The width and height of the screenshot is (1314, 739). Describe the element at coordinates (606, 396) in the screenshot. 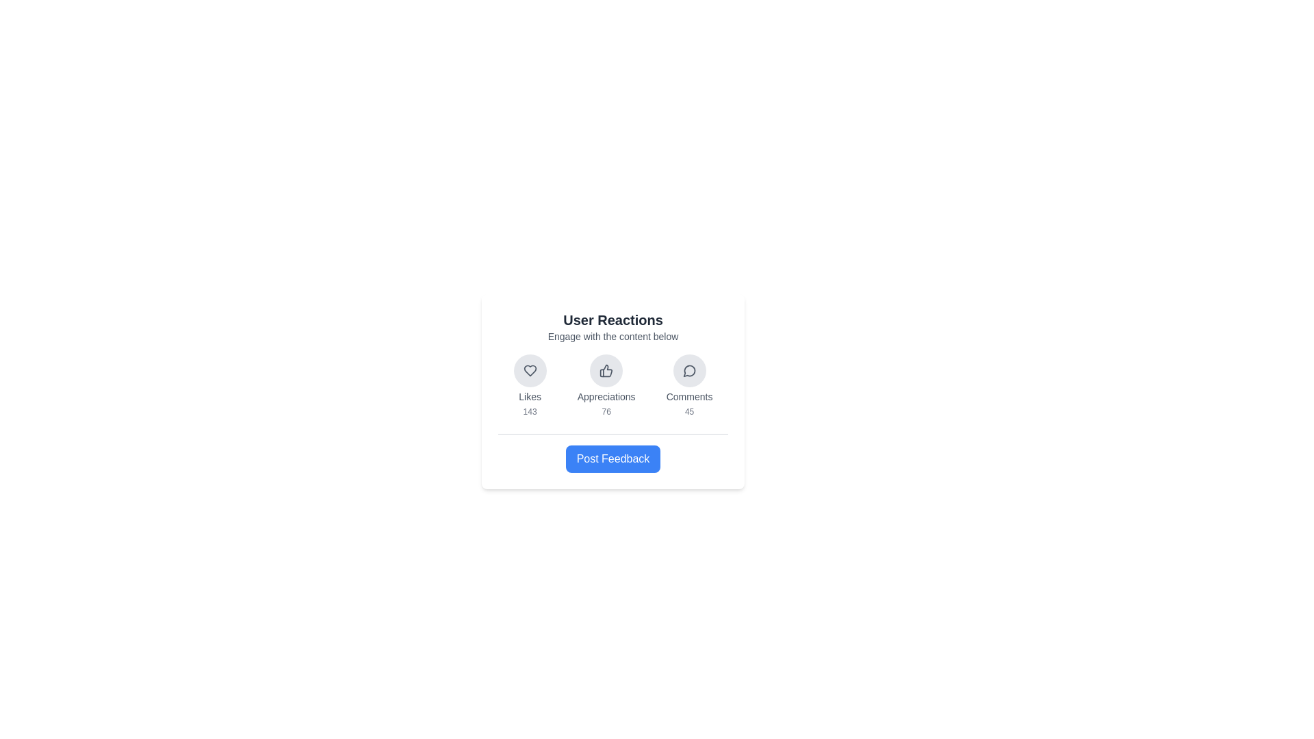

I see `the text label that reads 'Appreciations', which is styled with a small font size and gray color, located directly below the thumbs-up icon in the 'User Reactions' section` at that location.